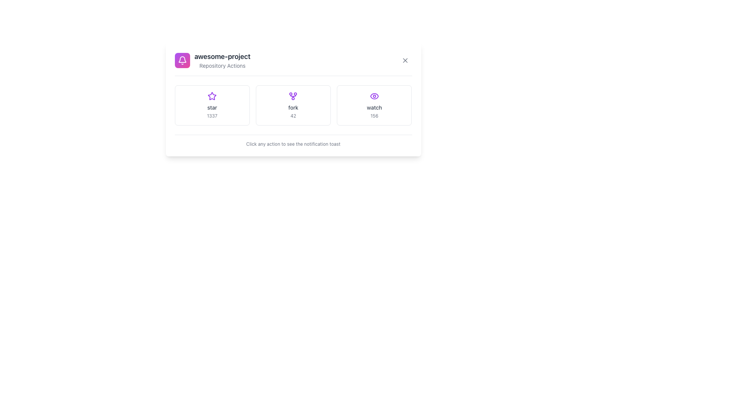 This screenshot has width=730, height=411. What do you see at coordinates (293, 99) in the screenshot?
I see `the 'fork' actionable item within the compact card styled in white with rounded corners and a shadow, which is the second item in the grid layout` at bounding box center [293, 99].